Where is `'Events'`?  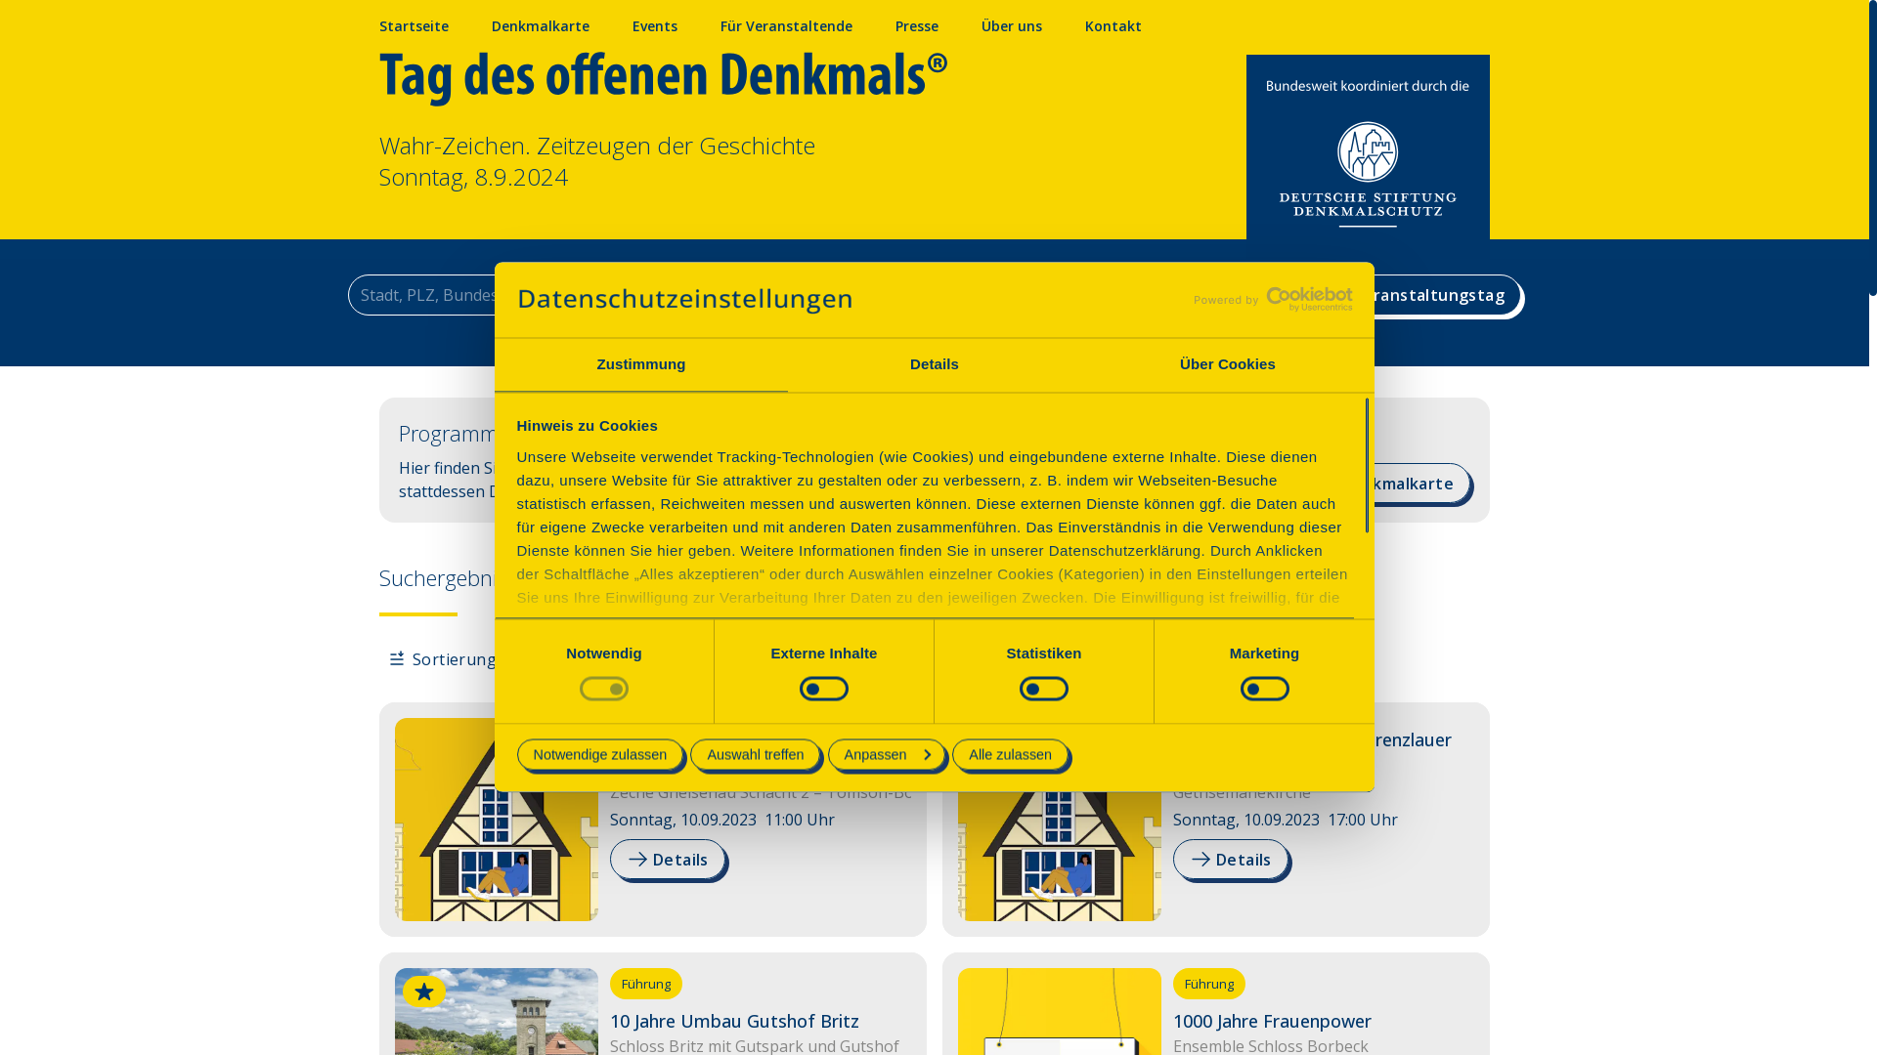
'Events' is located at coordinates (655, 25).